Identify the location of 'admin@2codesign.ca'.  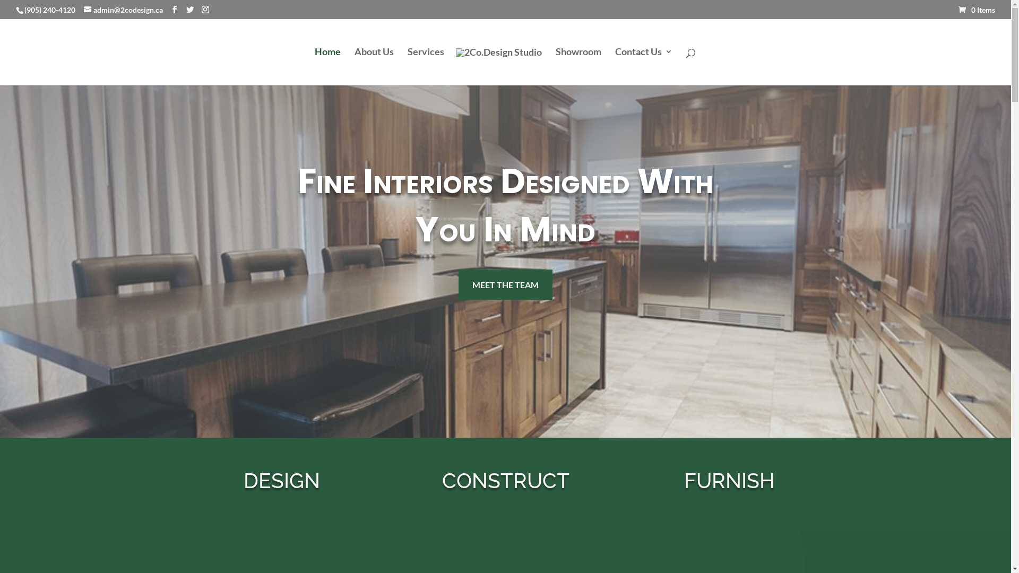
(123, 10).